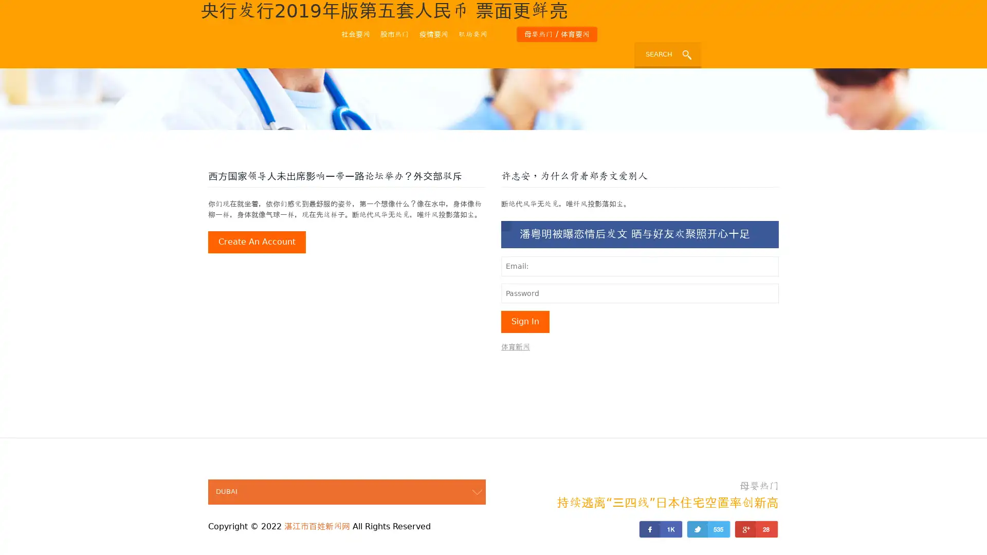  What do you see at coordinates (257, 242) in the screenshot?
I see `create an account` at bounding box center [257, 242].